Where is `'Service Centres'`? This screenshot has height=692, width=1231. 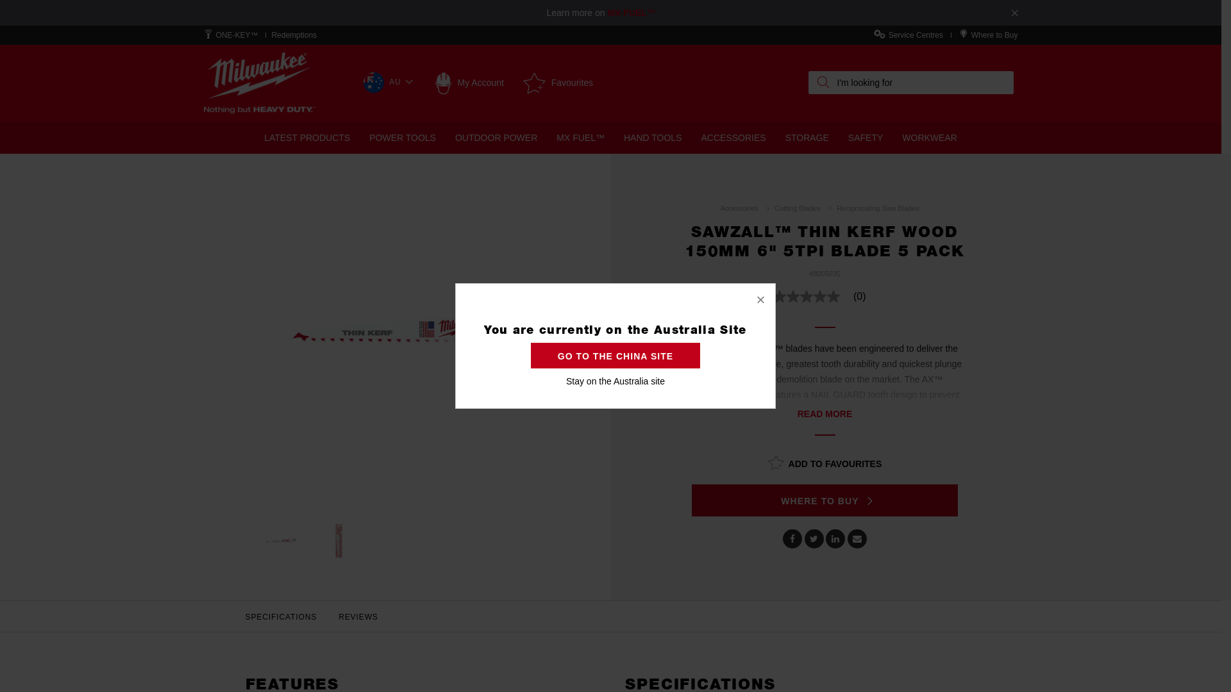 'Service Centres' is located at coordinates (915, 34).